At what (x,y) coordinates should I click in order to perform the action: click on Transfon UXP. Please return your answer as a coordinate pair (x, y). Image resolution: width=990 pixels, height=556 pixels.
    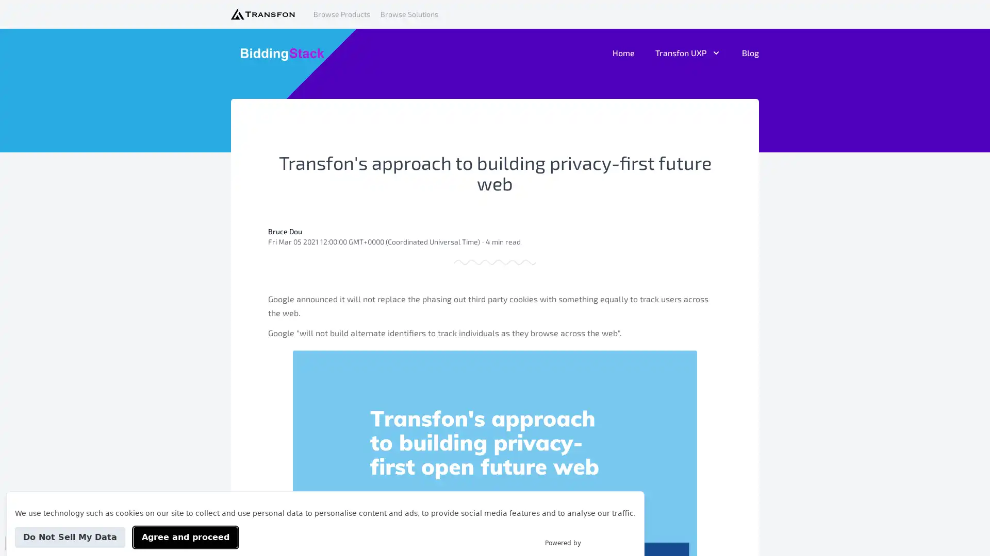
    Looking at the image, I should click on (688, 53).